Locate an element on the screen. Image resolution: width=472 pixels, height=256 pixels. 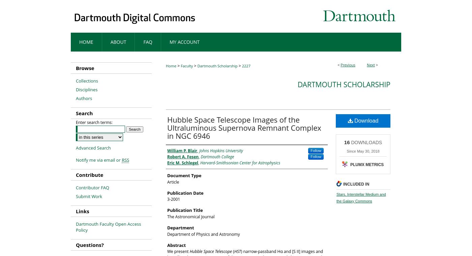
'Links' is located at coordinates (82, 211).